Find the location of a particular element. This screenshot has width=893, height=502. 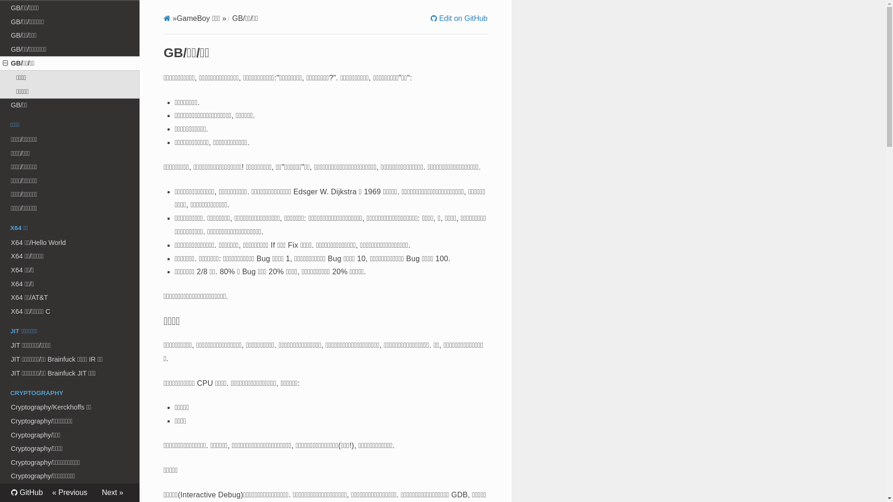

'GitHub' is located at coordinates (27, 492).